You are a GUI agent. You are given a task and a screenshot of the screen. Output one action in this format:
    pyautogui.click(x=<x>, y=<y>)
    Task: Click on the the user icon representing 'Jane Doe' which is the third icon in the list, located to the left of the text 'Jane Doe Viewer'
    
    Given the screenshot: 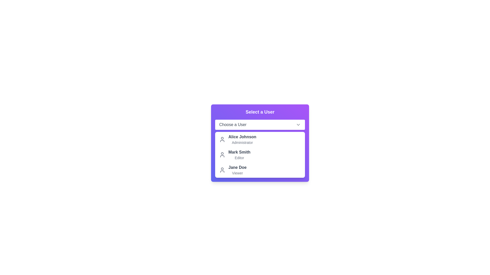 What is the action you would take?
    pyautogui.click(x=222, y=170)
    